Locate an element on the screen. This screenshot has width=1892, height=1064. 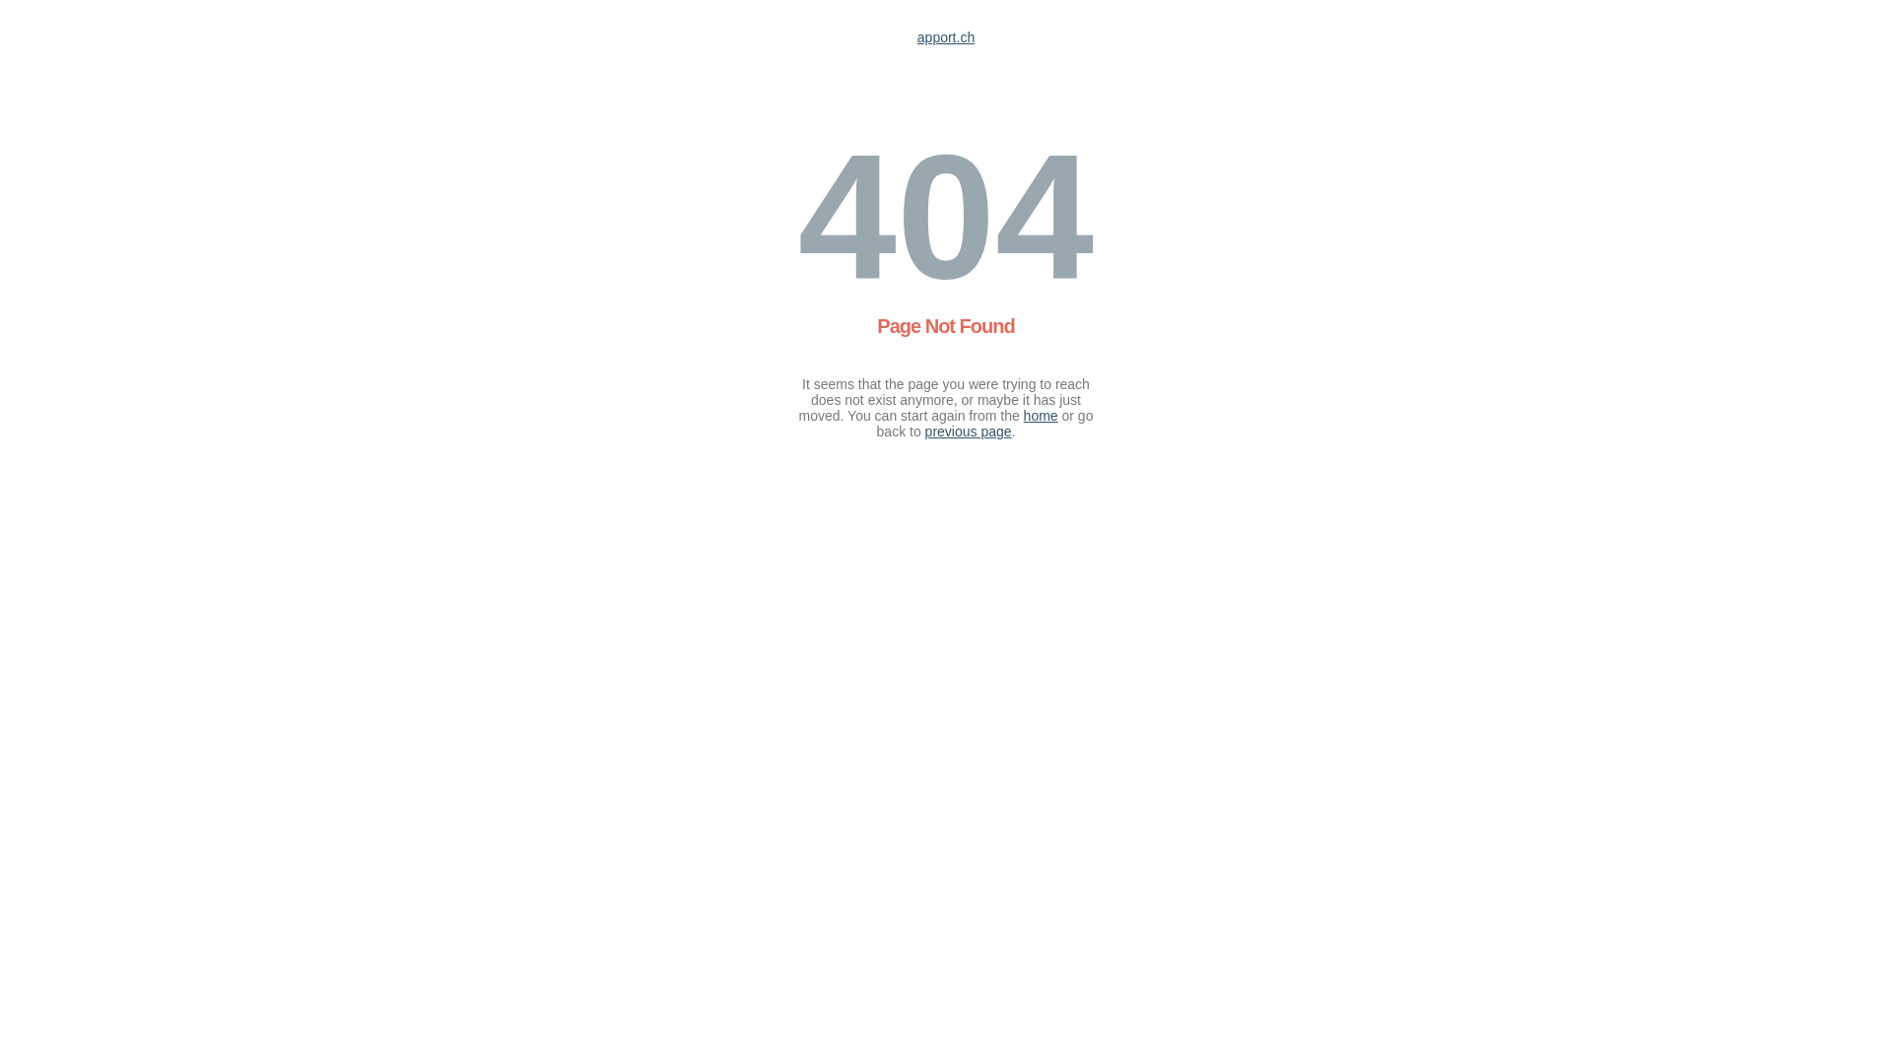
'apport.ch' is located at coordinates (916, 37).